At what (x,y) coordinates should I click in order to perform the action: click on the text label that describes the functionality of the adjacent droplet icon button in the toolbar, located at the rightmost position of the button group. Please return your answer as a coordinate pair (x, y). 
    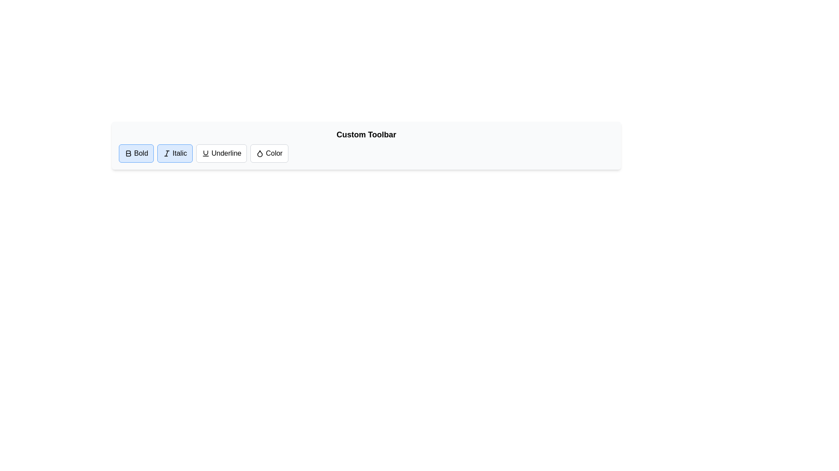
    Looking at the image, I should click on (274, 153).